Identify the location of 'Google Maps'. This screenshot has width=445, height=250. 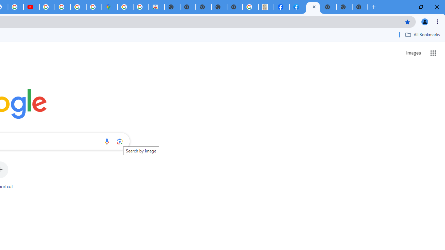
(109, 7).